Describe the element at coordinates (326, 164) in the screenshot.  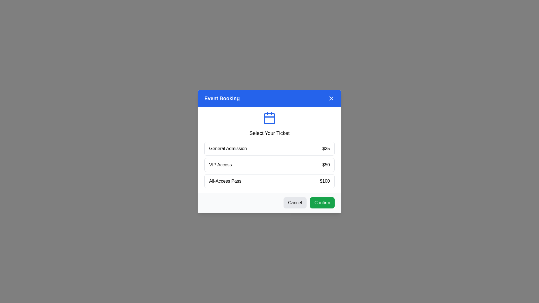
I see `the static text element displaying the price for the 'VIP Access' ticket option, located to the right of the 'VIP Access' label in the selection menu` at that location.